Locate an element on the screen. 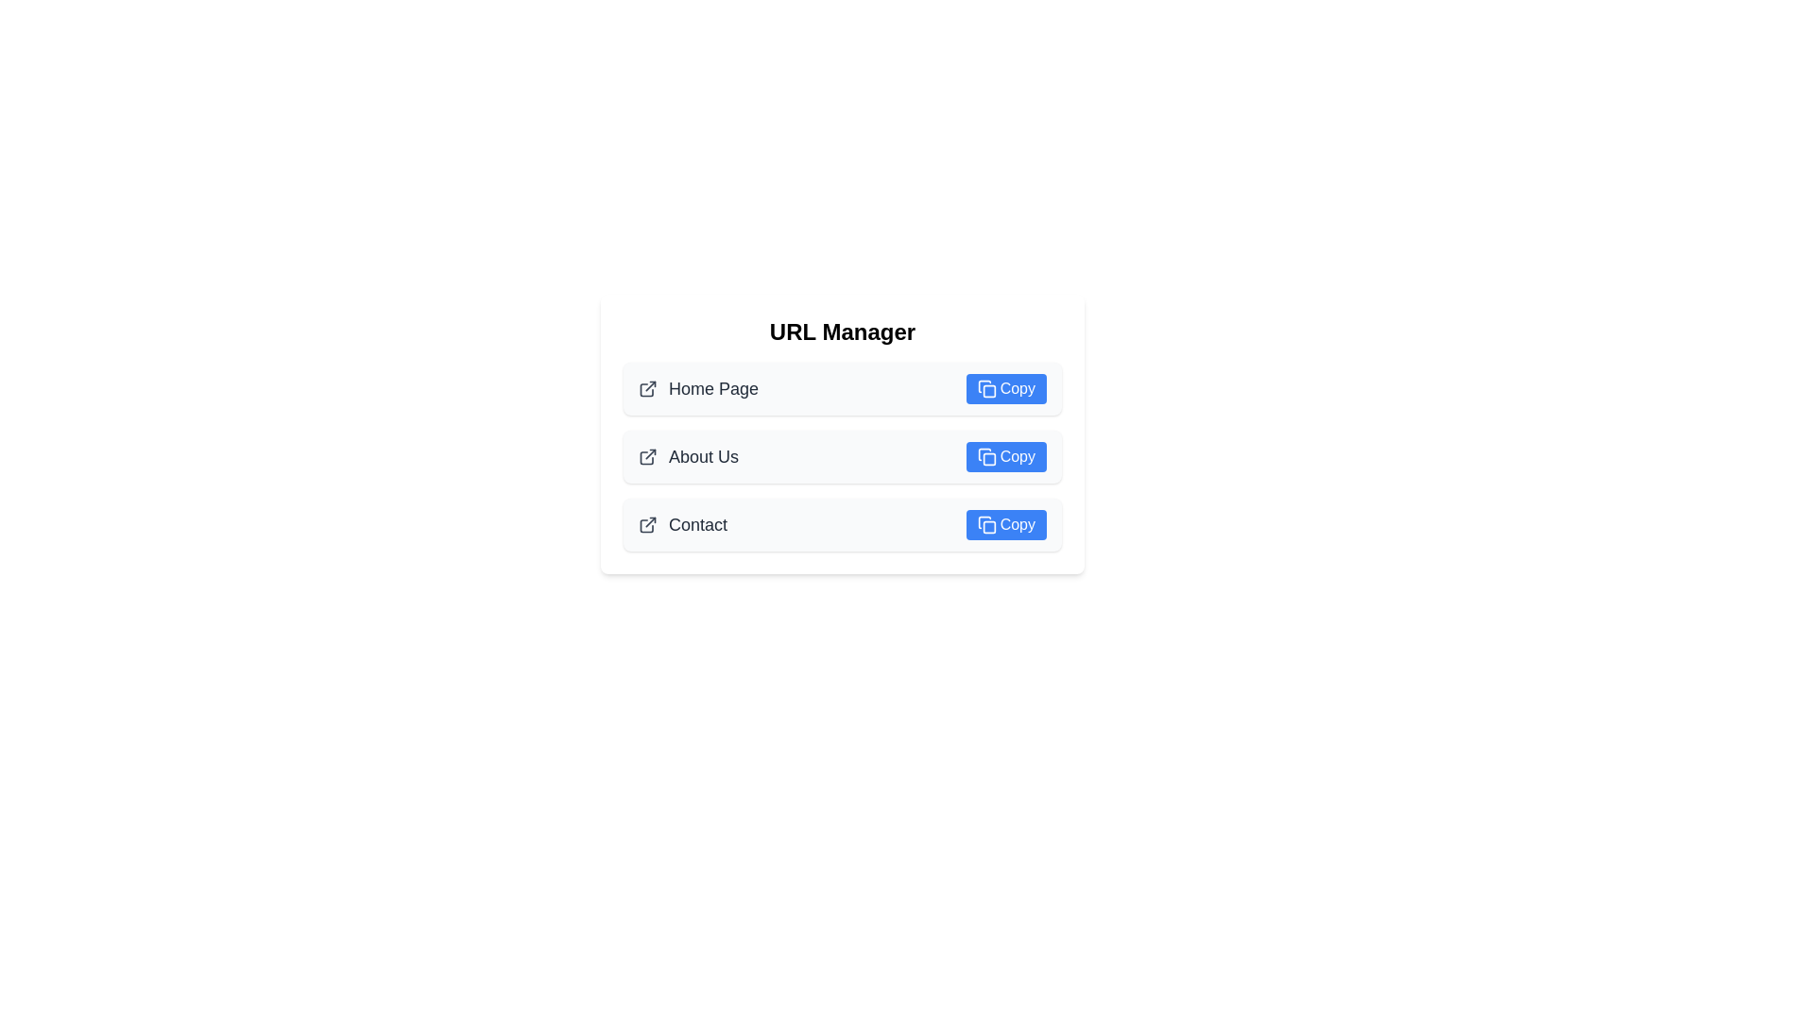  the topmost 'Copy' button with rounded corners and a blue background located on the right side of the 'Home Page' row is located at coordinates (1005, 388).